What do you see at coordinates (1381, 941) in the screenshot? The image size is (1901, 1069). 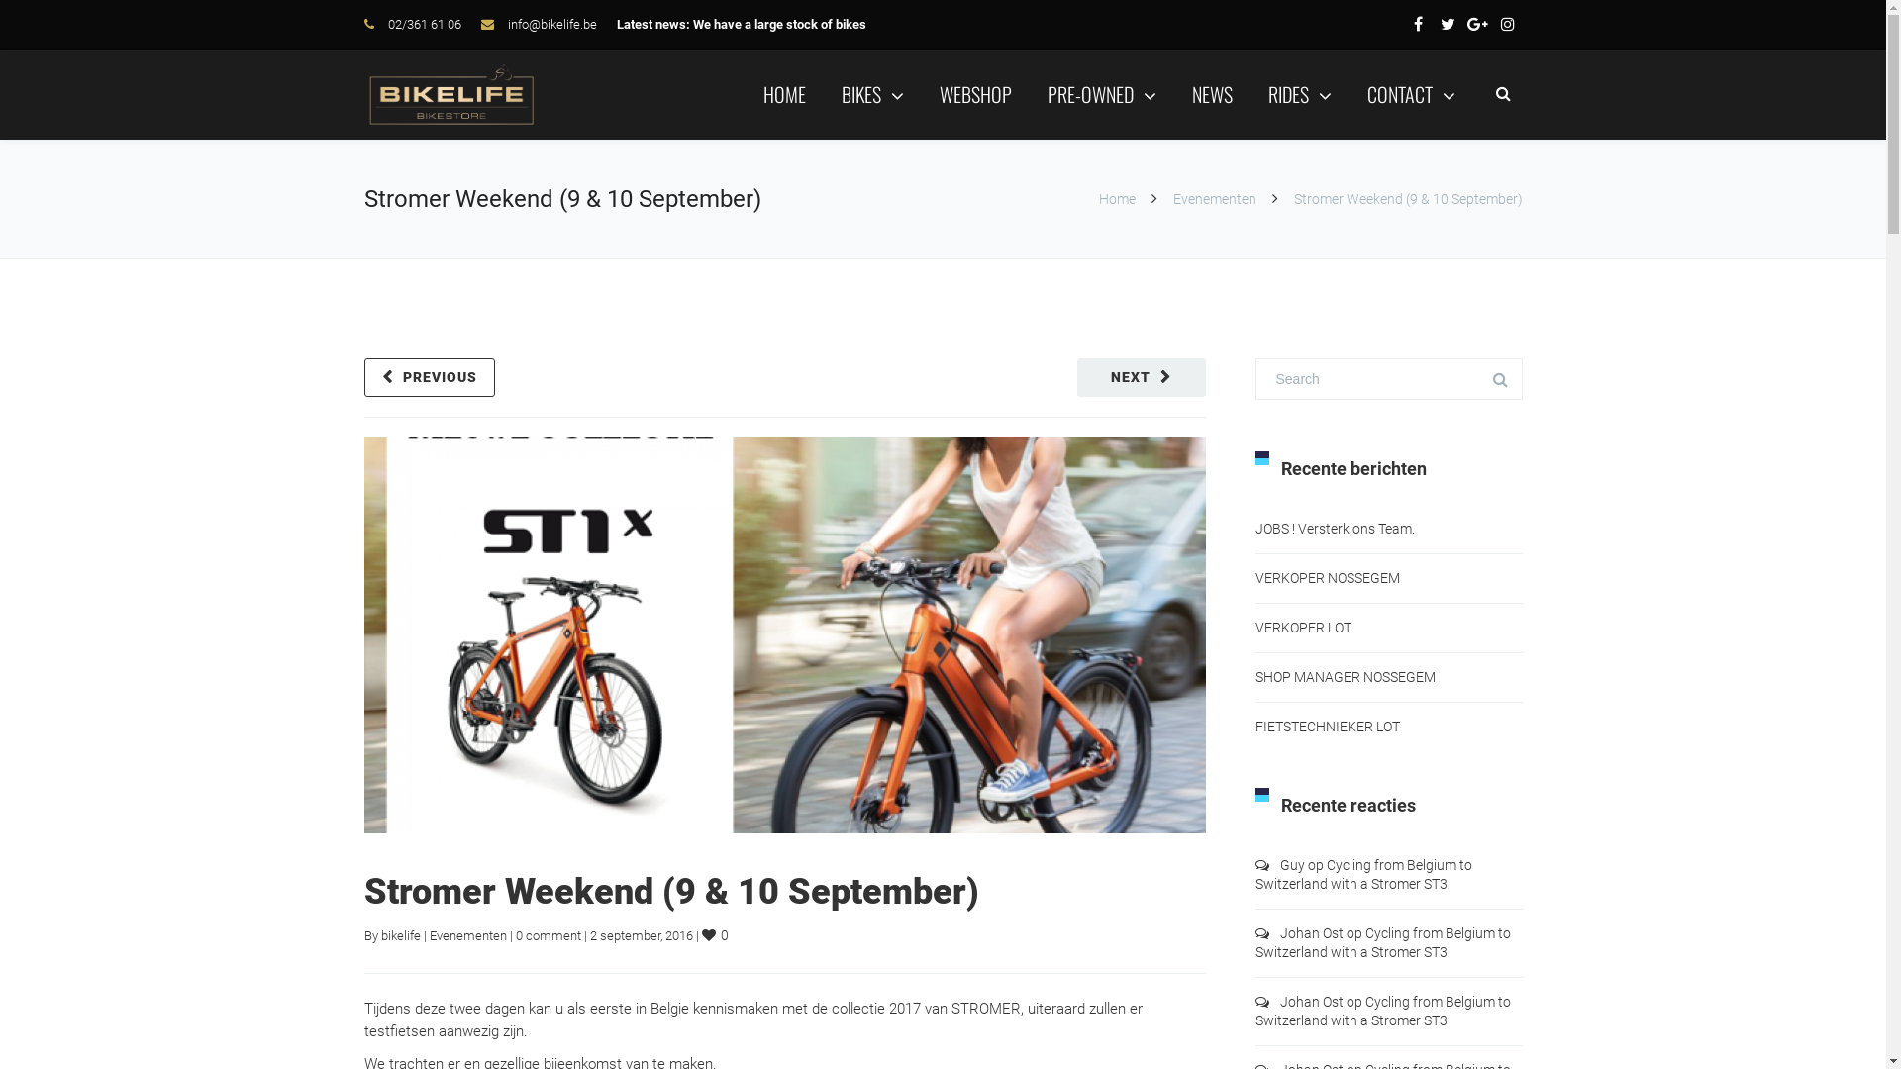 I see `'Cycling from Belgium to Switzerland with a Stromer ST3'` at bounding box center [1381, 941].